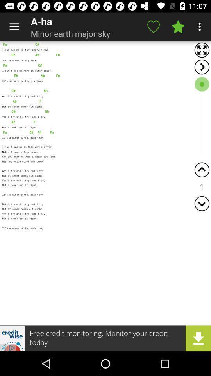 This screenshot has height=376, width=211. What do you see at coordinates (202, 50) in the screenshot?
I see `full screen` at bounding box center [202, 50].